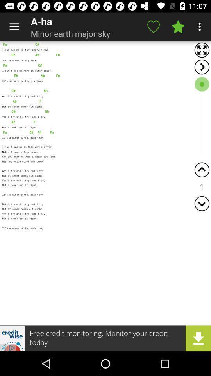 This screenshot has height=376, width=211. What do you see at coordinates (202, 50) in the screenshot?
I see `full screen` at bounding box center [202, 50].